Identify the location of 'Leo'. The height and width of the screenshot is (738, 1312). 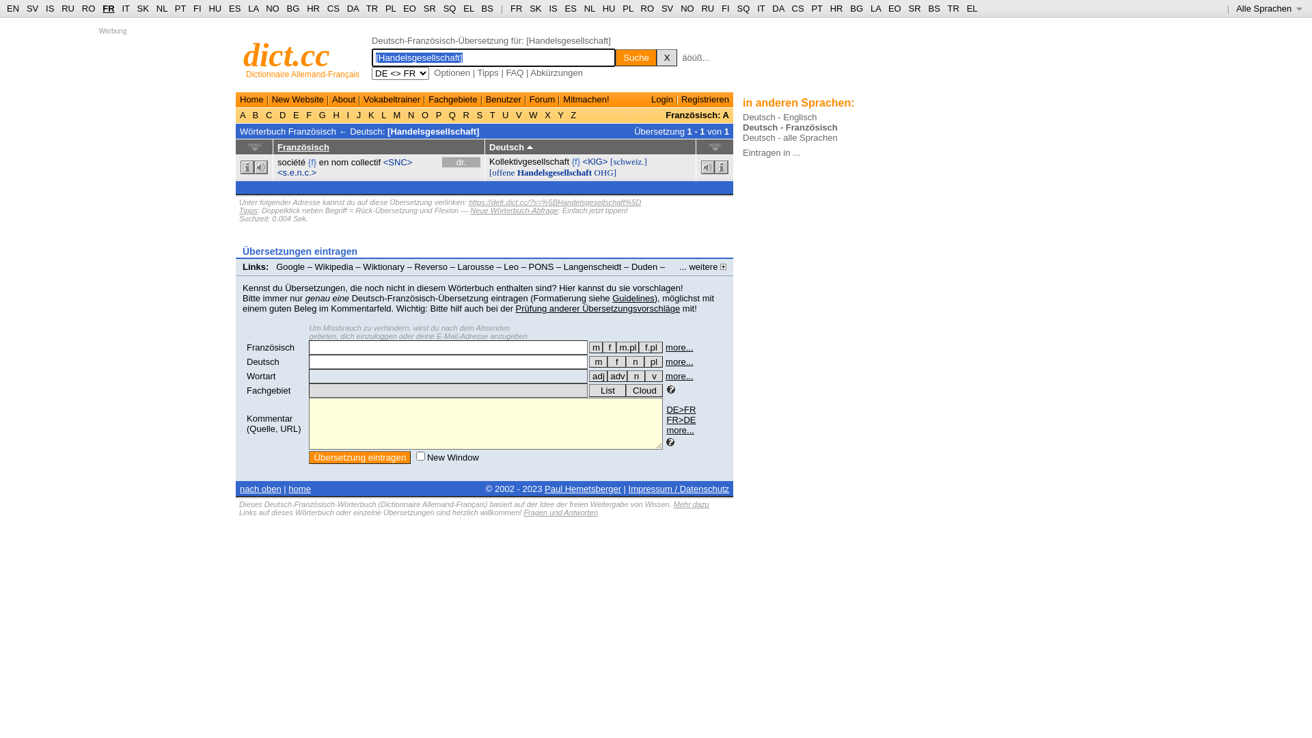
(510, 266).